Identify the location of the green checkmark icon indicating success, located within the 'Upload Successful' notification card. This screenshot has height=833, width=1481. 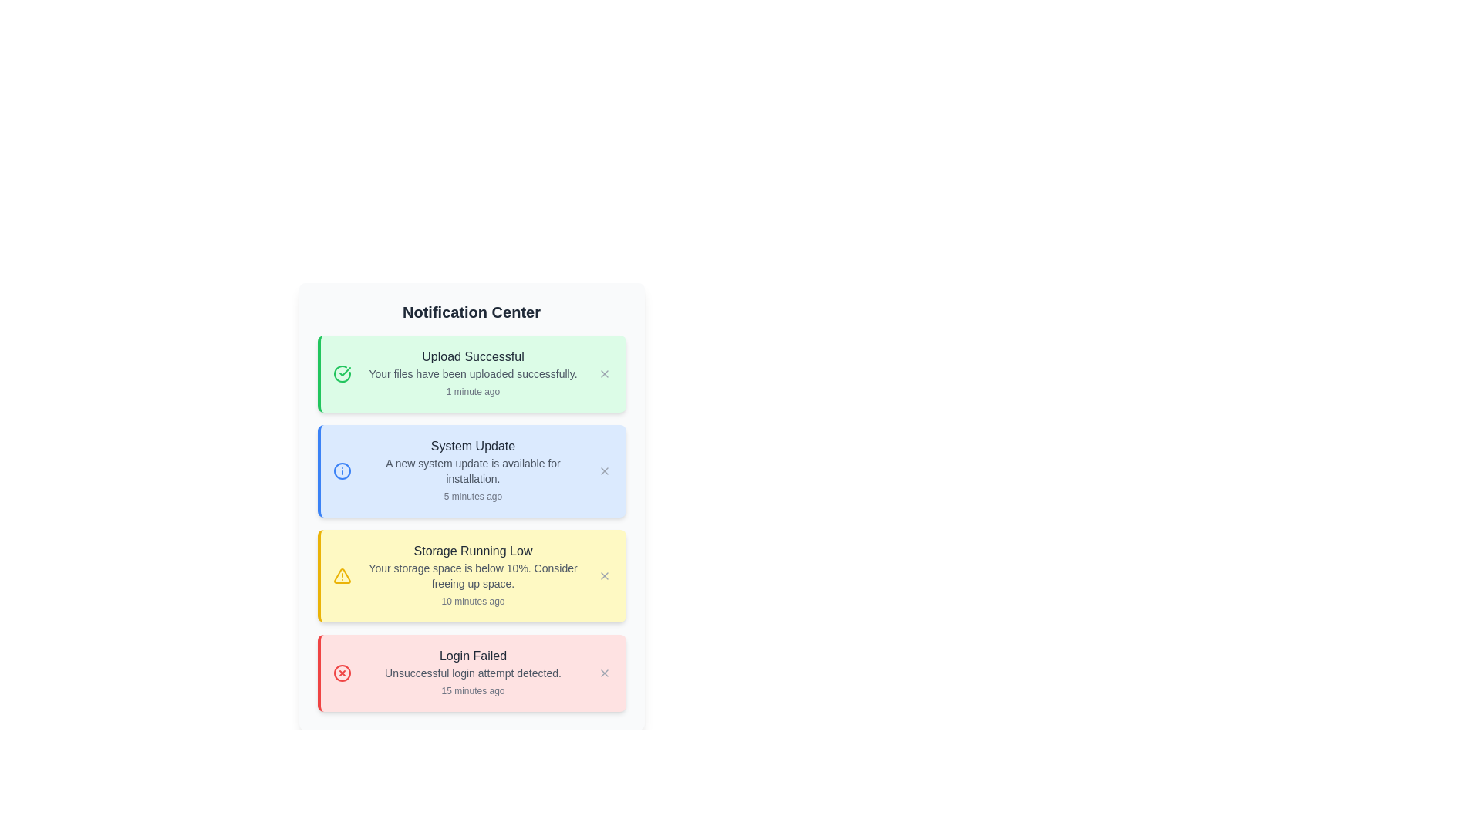
(343, 372).